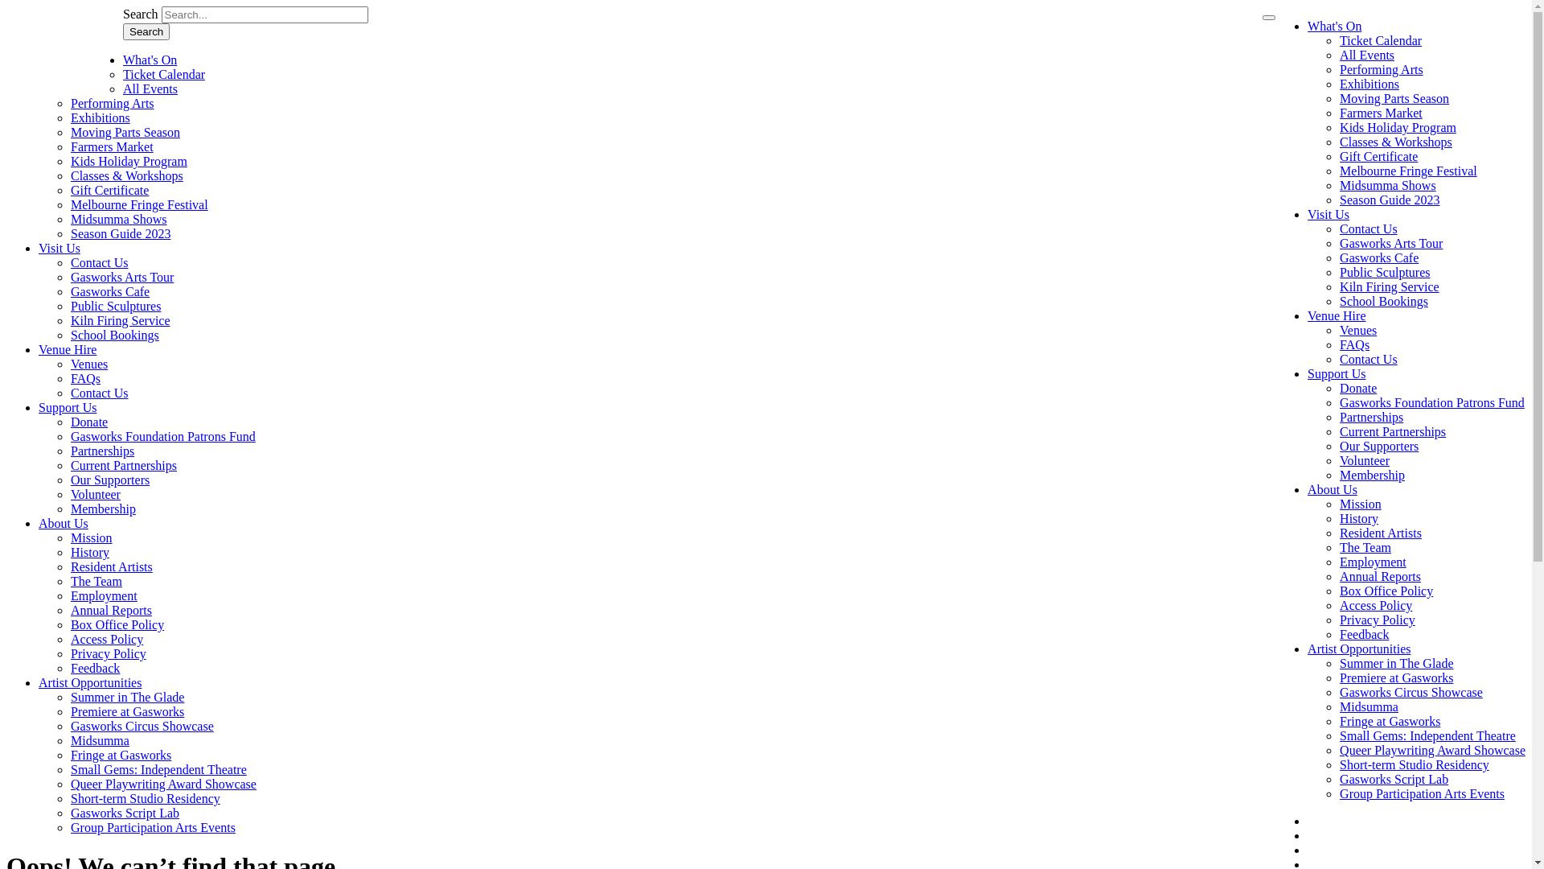  Describe the element at coordinates (109, 189) in the screenshot. I see `'Gift Certificate'` at that location.